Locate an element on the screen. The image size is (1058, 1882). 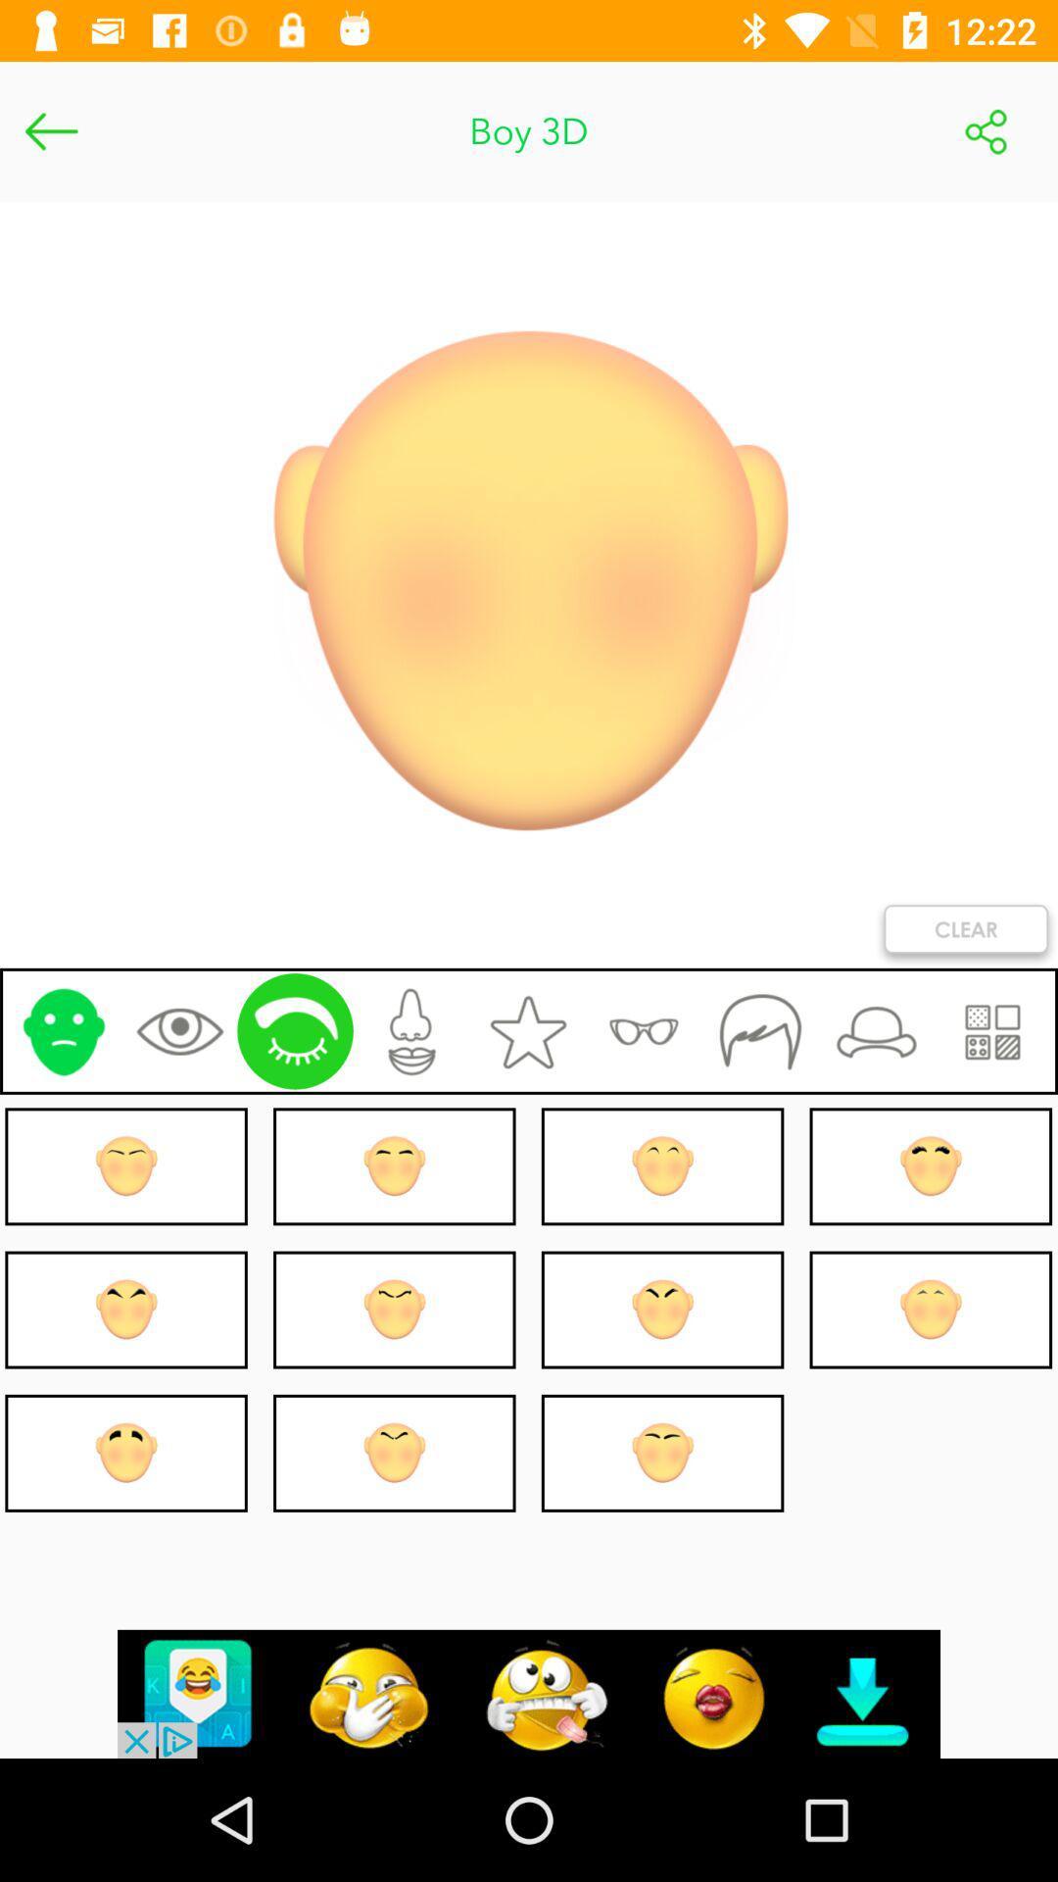
clear picture is located at coordinates (965, 932).